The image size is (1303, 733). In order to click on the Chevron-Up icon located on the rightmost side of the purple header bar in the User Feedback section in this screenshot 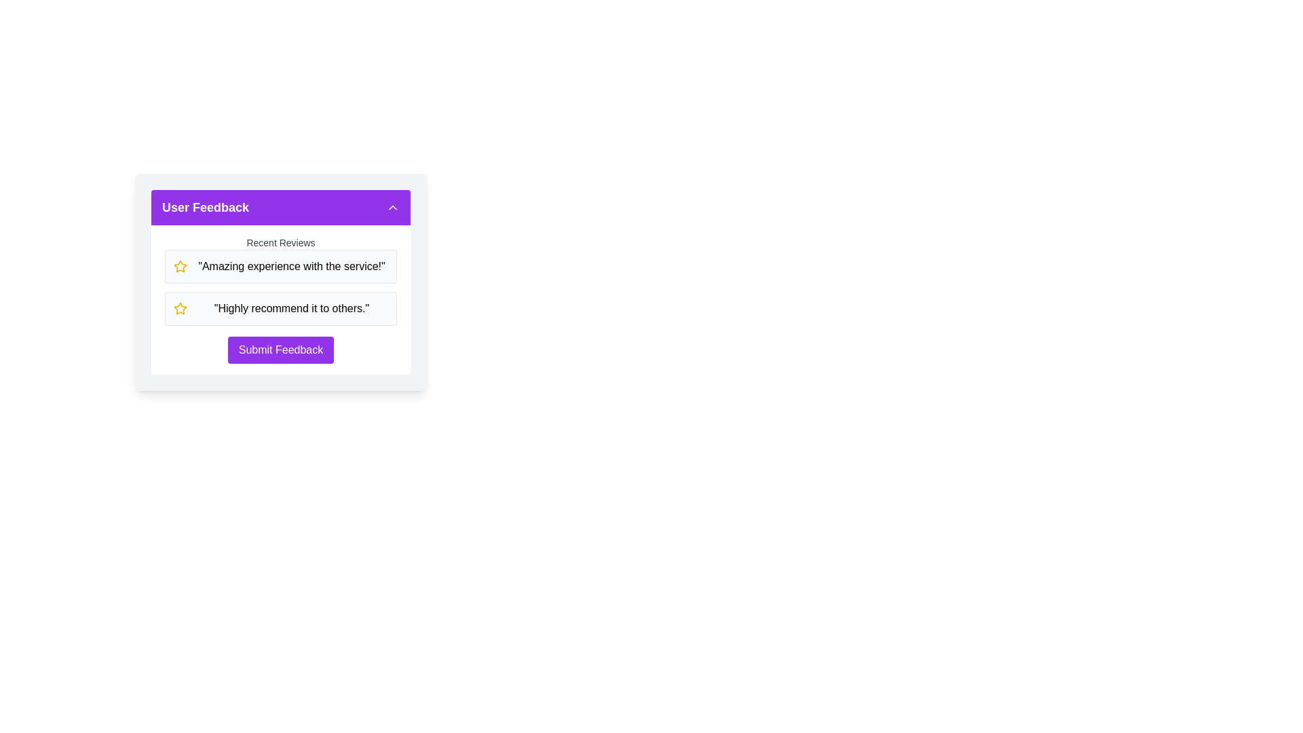, I will do `click(392, 207)`.